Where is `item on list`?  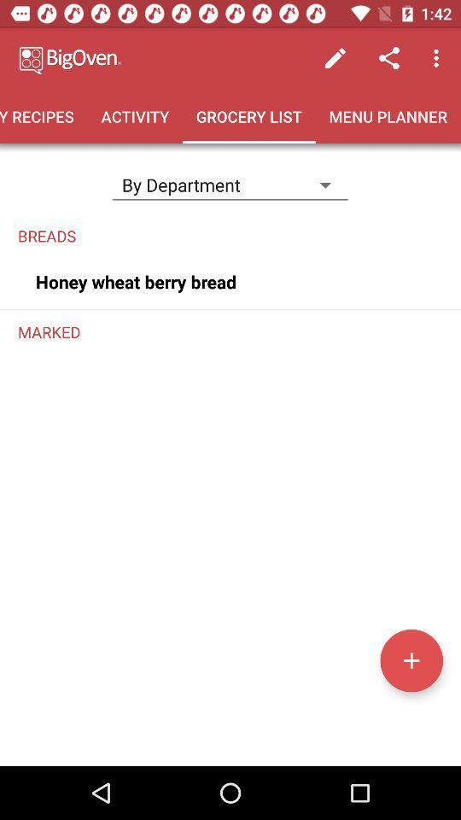
item on list is located at coordinates (411, 659).